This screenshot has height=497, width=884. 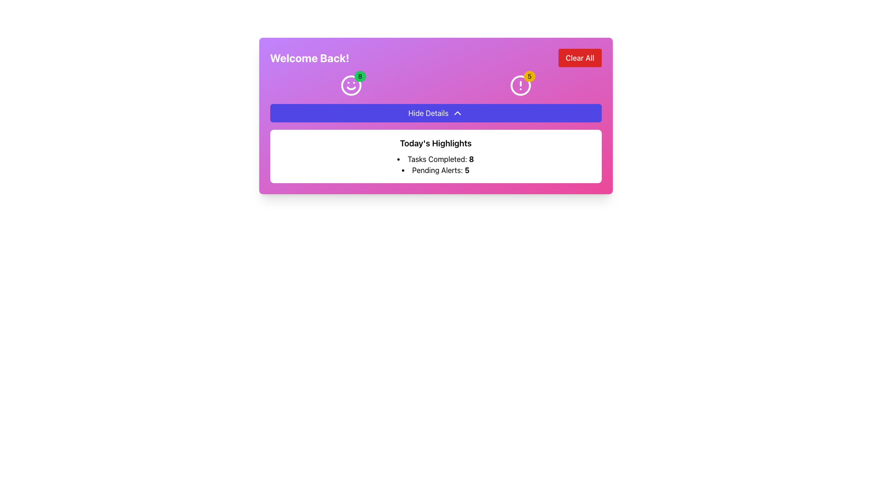 What do you see at coordinates (435, 164) in the screenshot?
I see `the list displaying 'Tasks Completed: 8' and 'Pending Alerts: 5' which is located underneath the header 'Today's Highlights'` at bounding box center [435, 164].